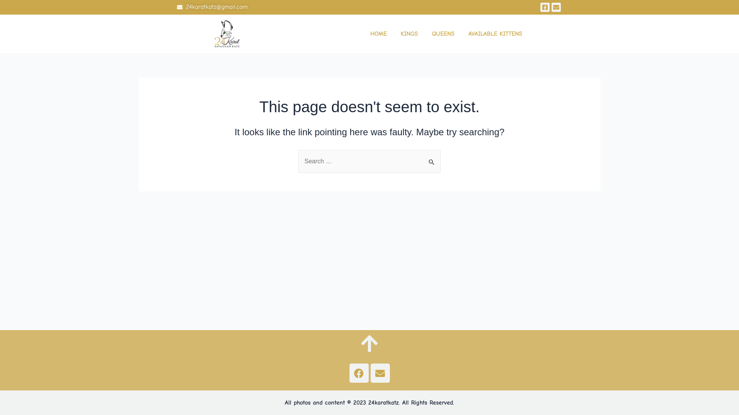 The height and width of the screenshot is (415, 739). I want to click on 'Search', so click(432, 158).